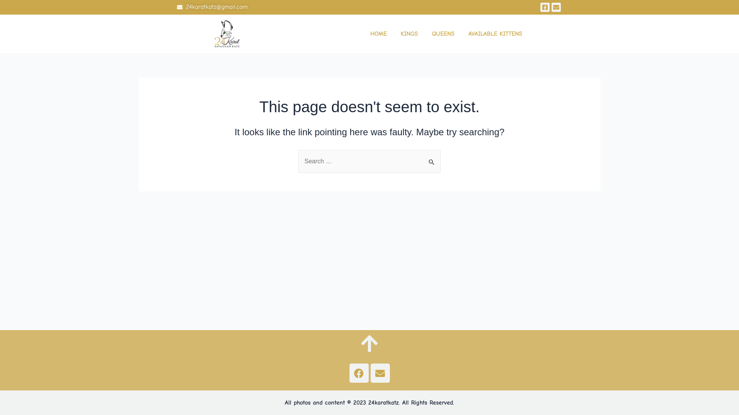 The height and width of the screenshot is (415, 739). I want to click on 'Search', so click(432, 158).